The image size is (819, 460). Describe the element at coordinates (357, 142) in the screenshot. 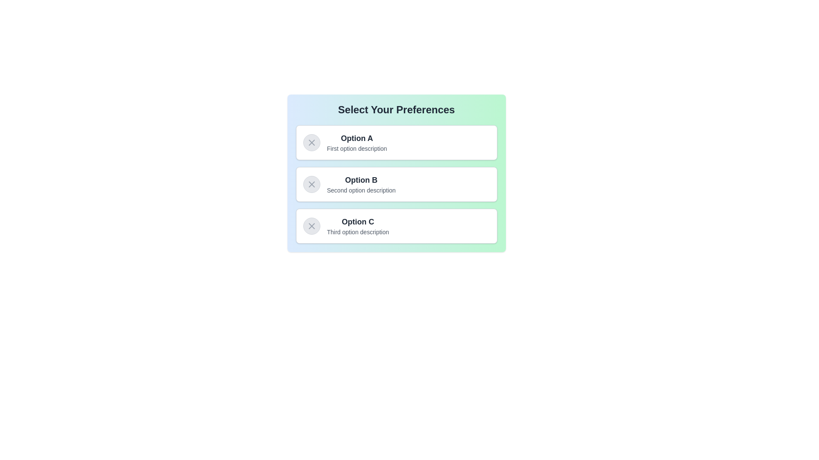

I see `the Label or Text Display located beneath the header 'Select Your Preferences', serving as the first option in the vertical list` at that location.